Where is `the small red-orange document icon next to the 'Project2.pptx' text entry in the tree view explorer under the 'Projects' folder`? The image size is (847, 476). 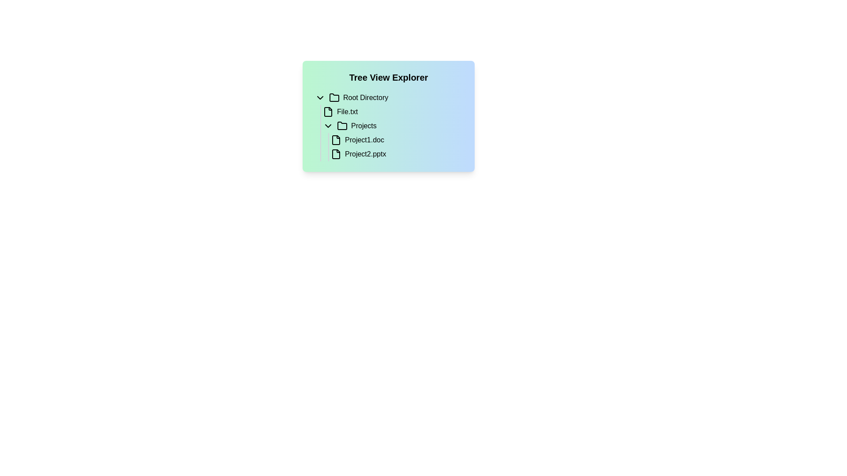 the small red-orange document icon next to the 'Project2.pptx' text entry in the tree view explorer under the 'Projects' folder is located at coordinates (336, 154).